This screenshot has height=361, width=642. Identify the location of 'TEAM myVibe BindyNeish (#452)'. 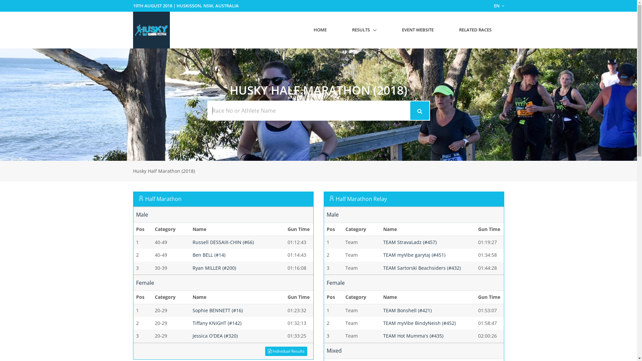
(419, 323).